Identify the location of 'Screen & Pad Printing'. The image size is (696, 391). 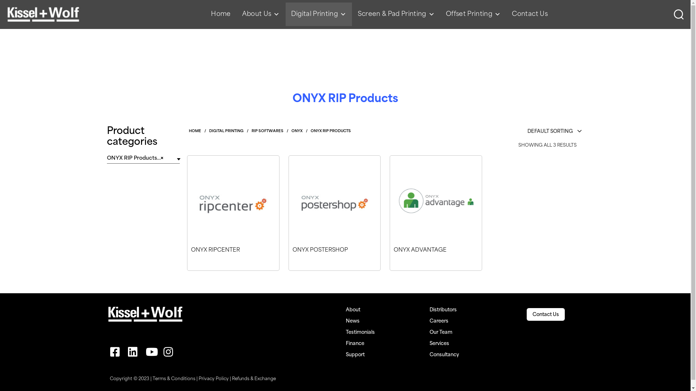
(396, 14).